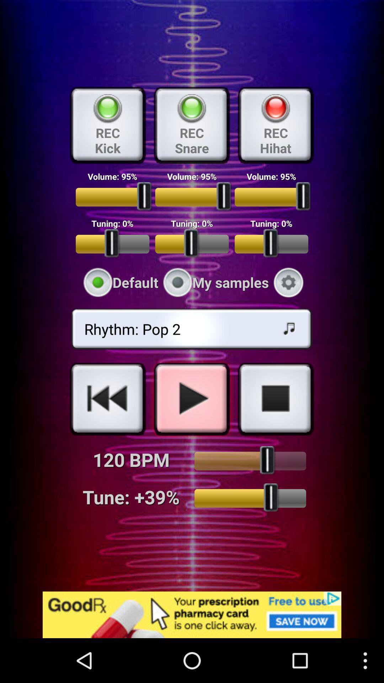 The width and height of the screenshot is (384, 683). Describe the element at coordinates (250, 461) in the screenshot. I see `adjust volume` at that location.